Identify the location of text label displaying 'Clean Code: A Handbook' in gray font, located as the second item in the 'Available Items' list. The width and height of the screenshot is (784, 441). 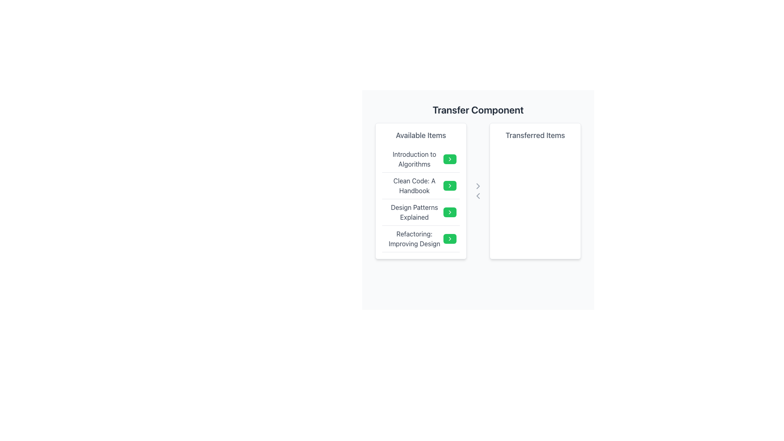
(414, 186).